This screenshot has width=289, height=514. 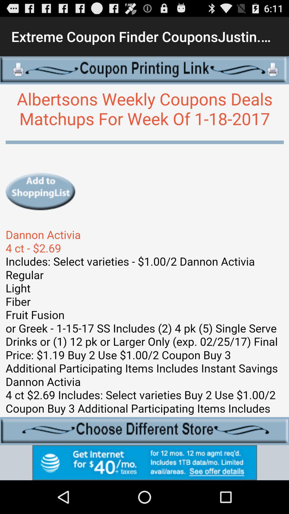 What do you see at coordinates (144, 431) in the screenshot?
I see `choose store` at bounding box center [144, 431].